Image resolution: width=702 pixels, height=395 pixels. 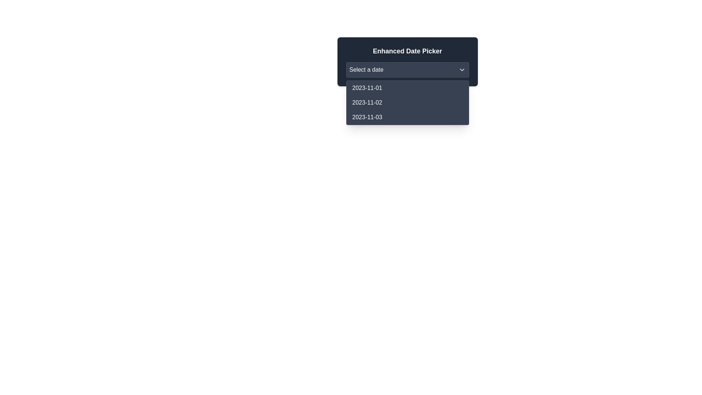 I want to click on the dropdown option labeled '2023-11-03', so click(x=407, y=117).